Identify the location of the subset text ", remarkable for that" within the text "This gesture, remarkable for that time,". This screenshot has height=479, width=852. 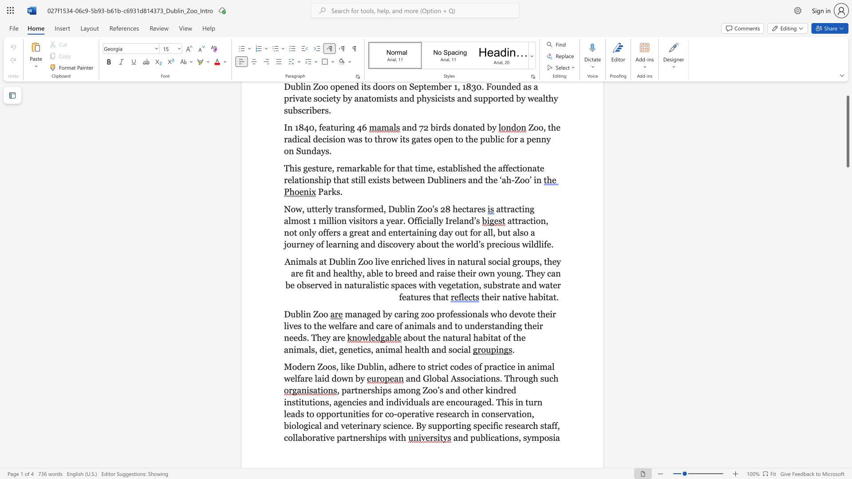
(331, 168).